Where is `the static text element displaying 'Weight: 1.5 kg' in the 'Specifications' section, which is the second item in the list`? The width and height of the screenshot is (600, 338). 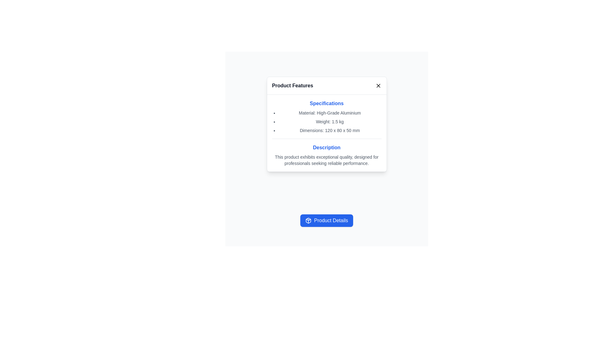
the static text element displaying 'Weight: 1.5 kg' in the 'Specifications' section, which is the second item in the list is located at coordinates (329, 122).